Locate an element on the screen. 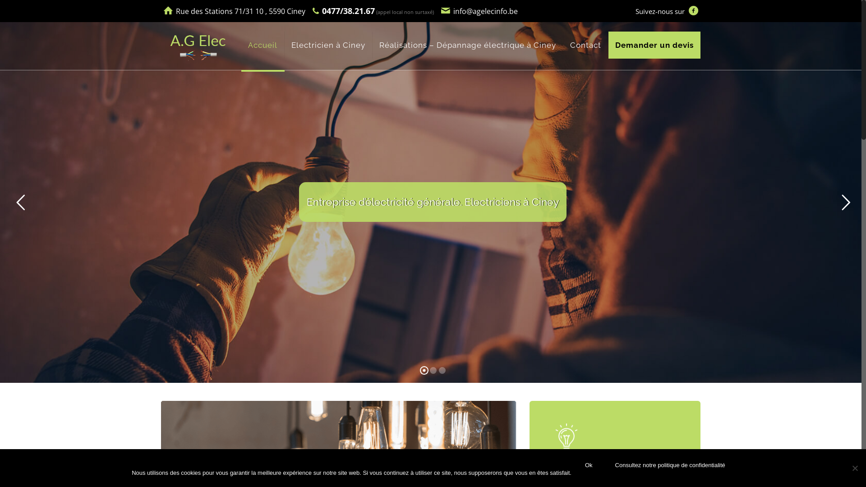 The height and width of the screenshot is (487, 866). 'info@agelecinfo.be' is located at coordinates (485, 11).